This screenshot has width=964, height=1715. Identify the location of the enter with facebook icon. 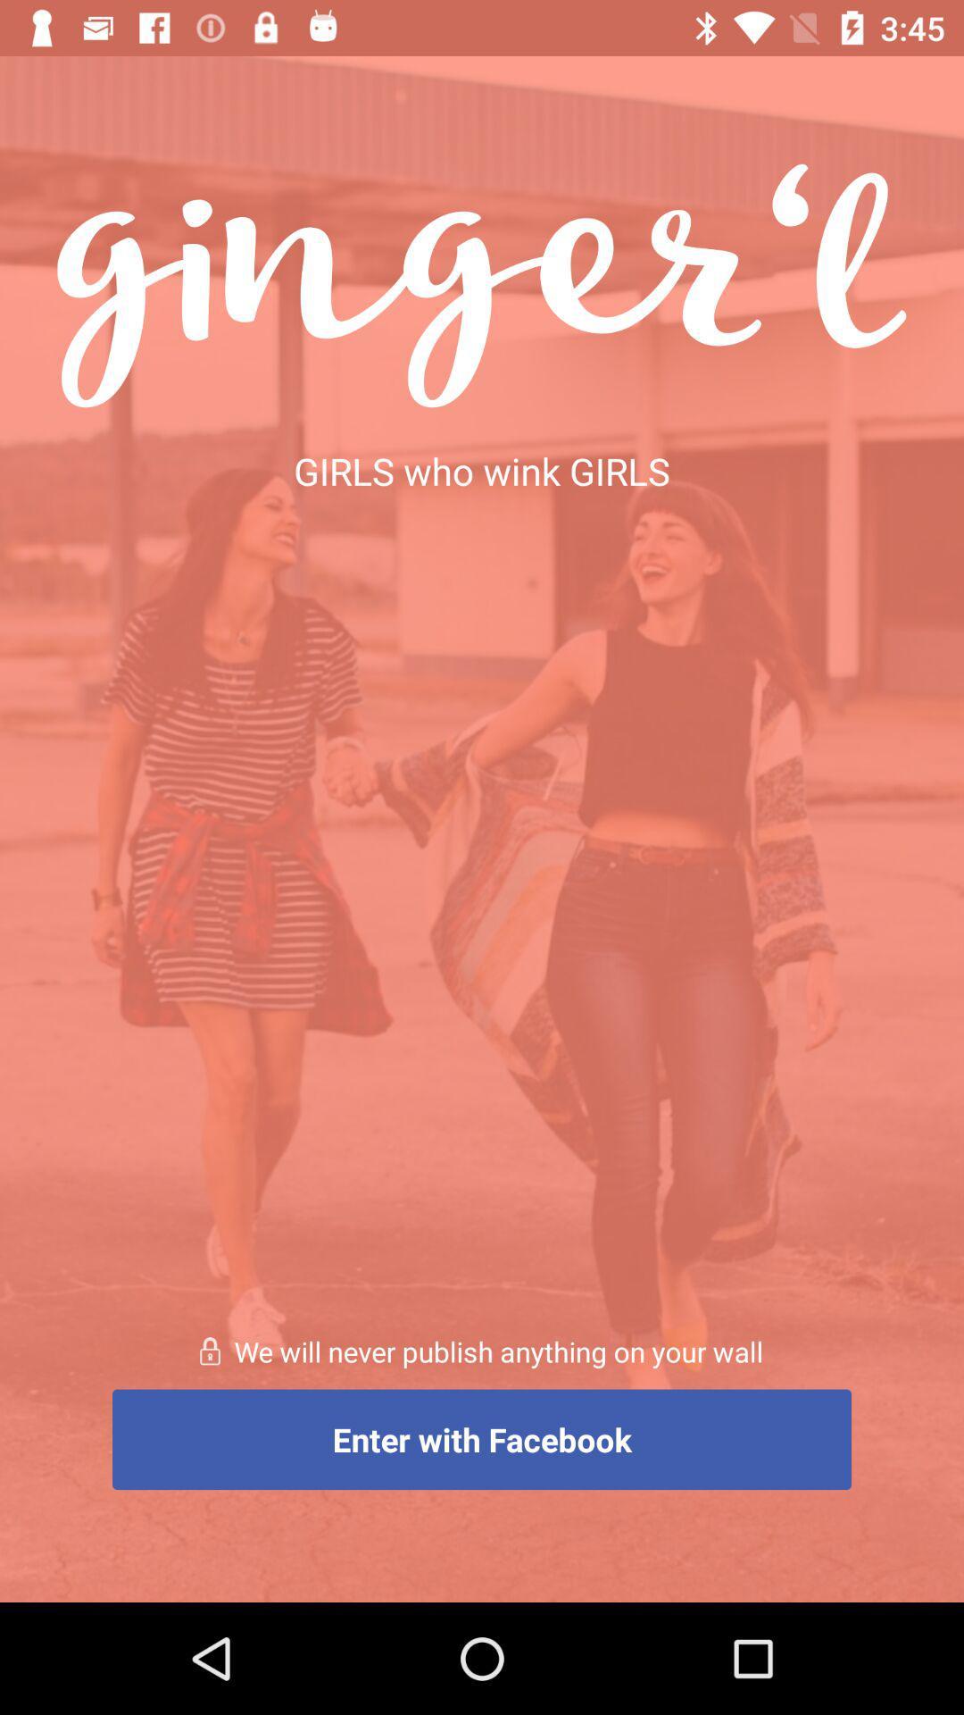
(482, 1439).